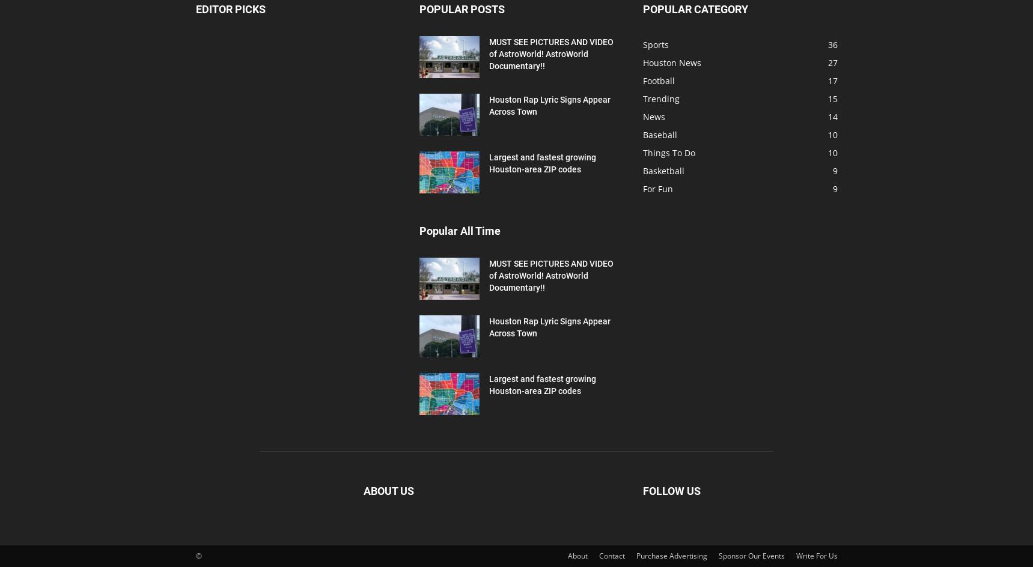 The image size is (1033, 567). What do you see at coordinates (462, 9) in the screenshot?
I see `'POPULAR POSTS'` at bounding box center [462, 9].